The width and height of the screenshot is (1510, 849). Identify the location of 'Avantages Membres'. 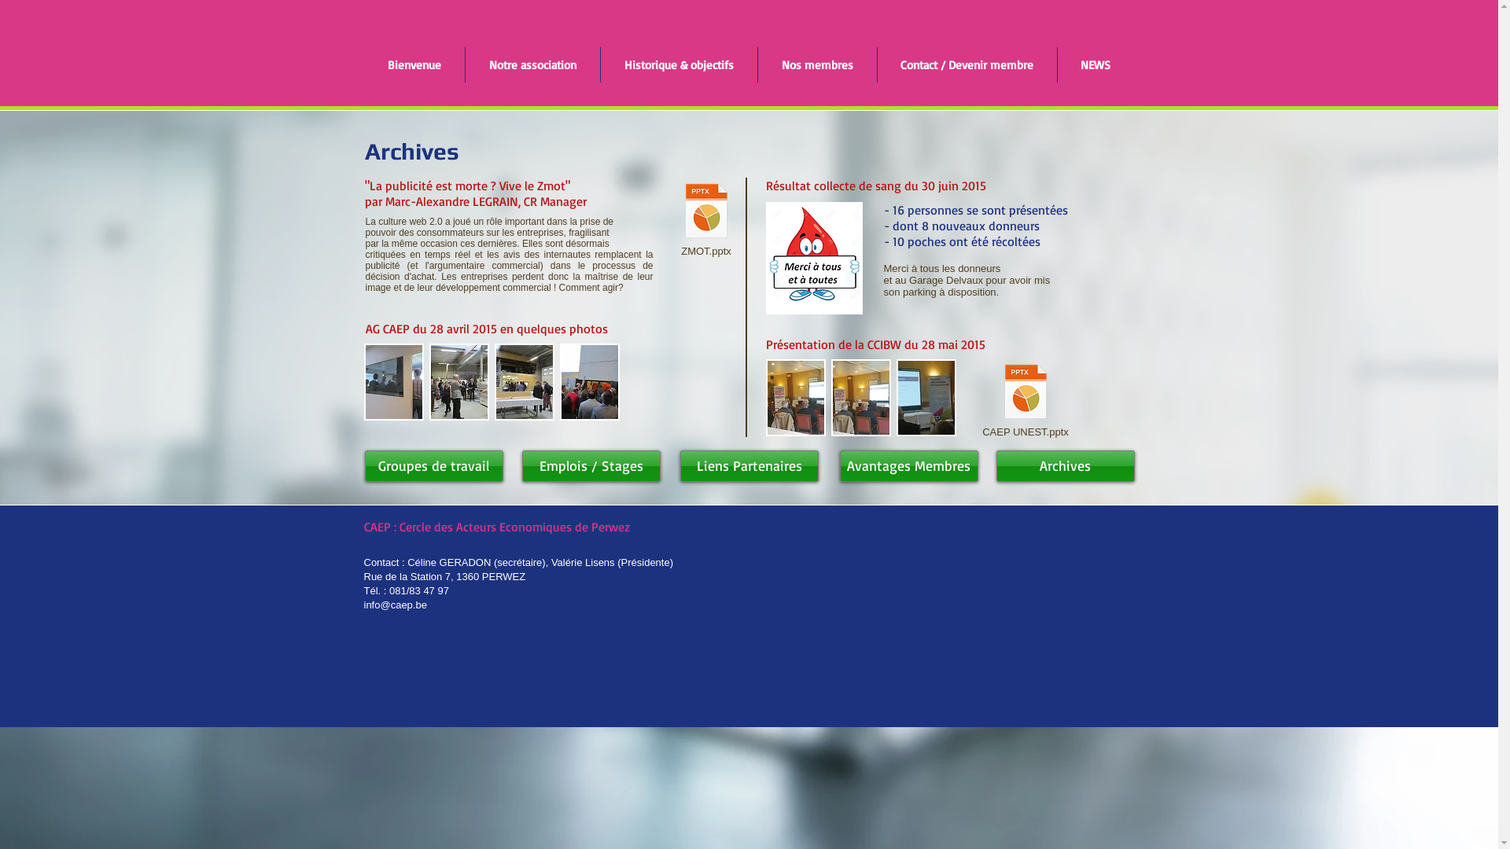
(909, 465).